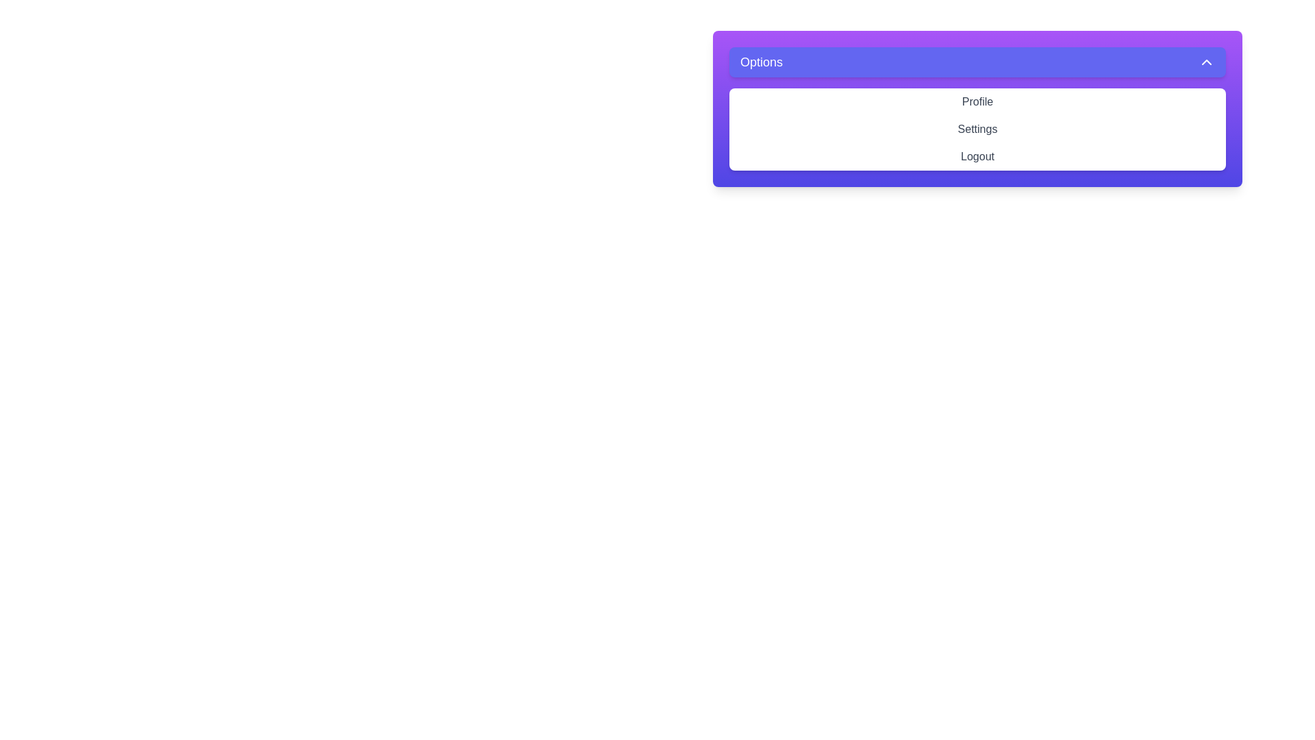 The image size is (1315, 740). I want to click on the 'Logout' option in the menu, so click(977, 156).